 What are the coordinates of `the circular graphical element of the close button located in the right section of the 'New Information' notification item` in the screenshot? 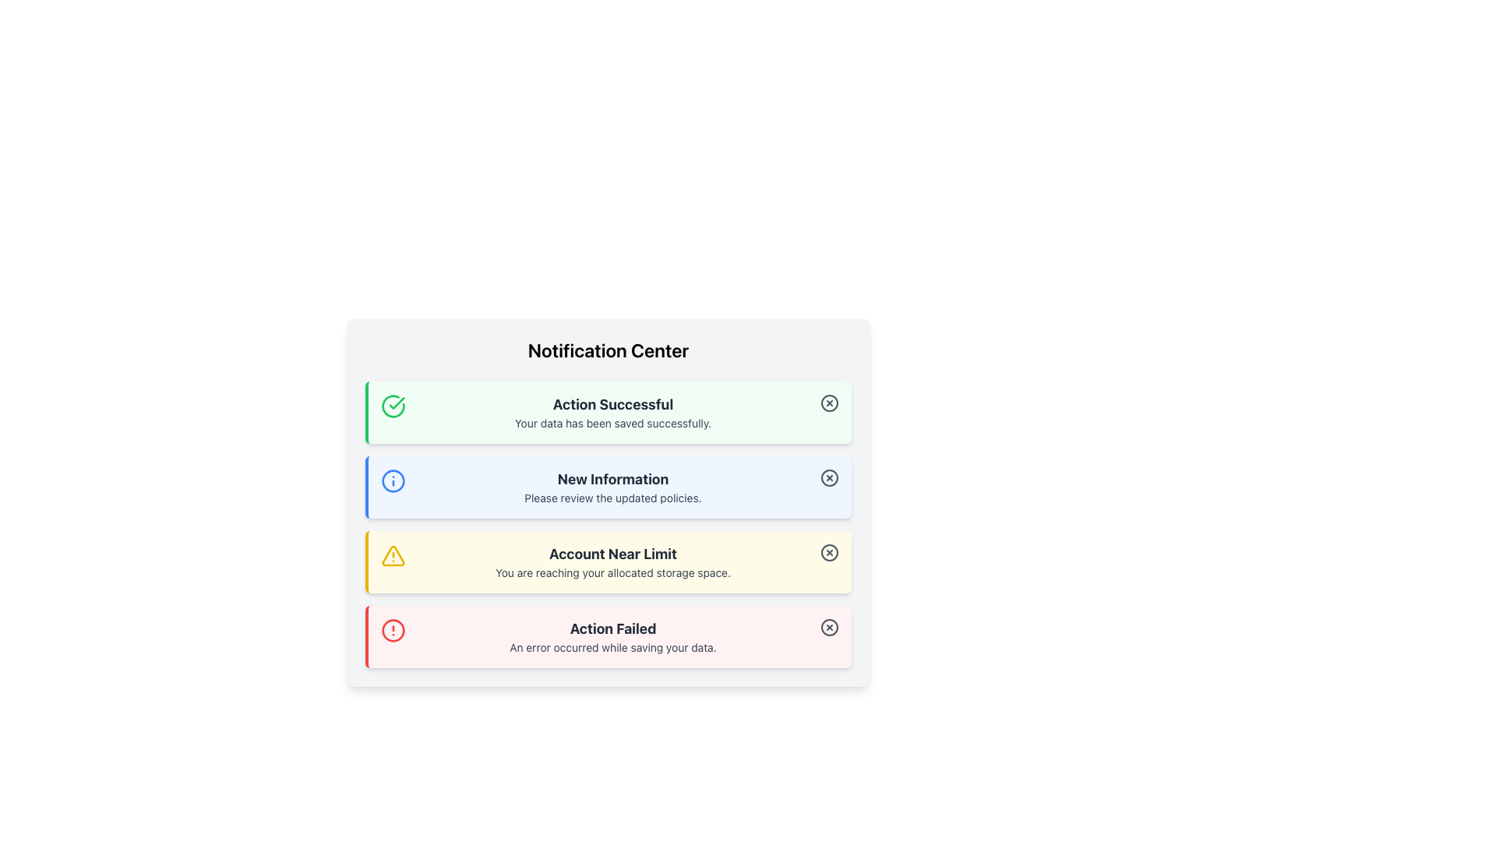 It's located at (829, 477).